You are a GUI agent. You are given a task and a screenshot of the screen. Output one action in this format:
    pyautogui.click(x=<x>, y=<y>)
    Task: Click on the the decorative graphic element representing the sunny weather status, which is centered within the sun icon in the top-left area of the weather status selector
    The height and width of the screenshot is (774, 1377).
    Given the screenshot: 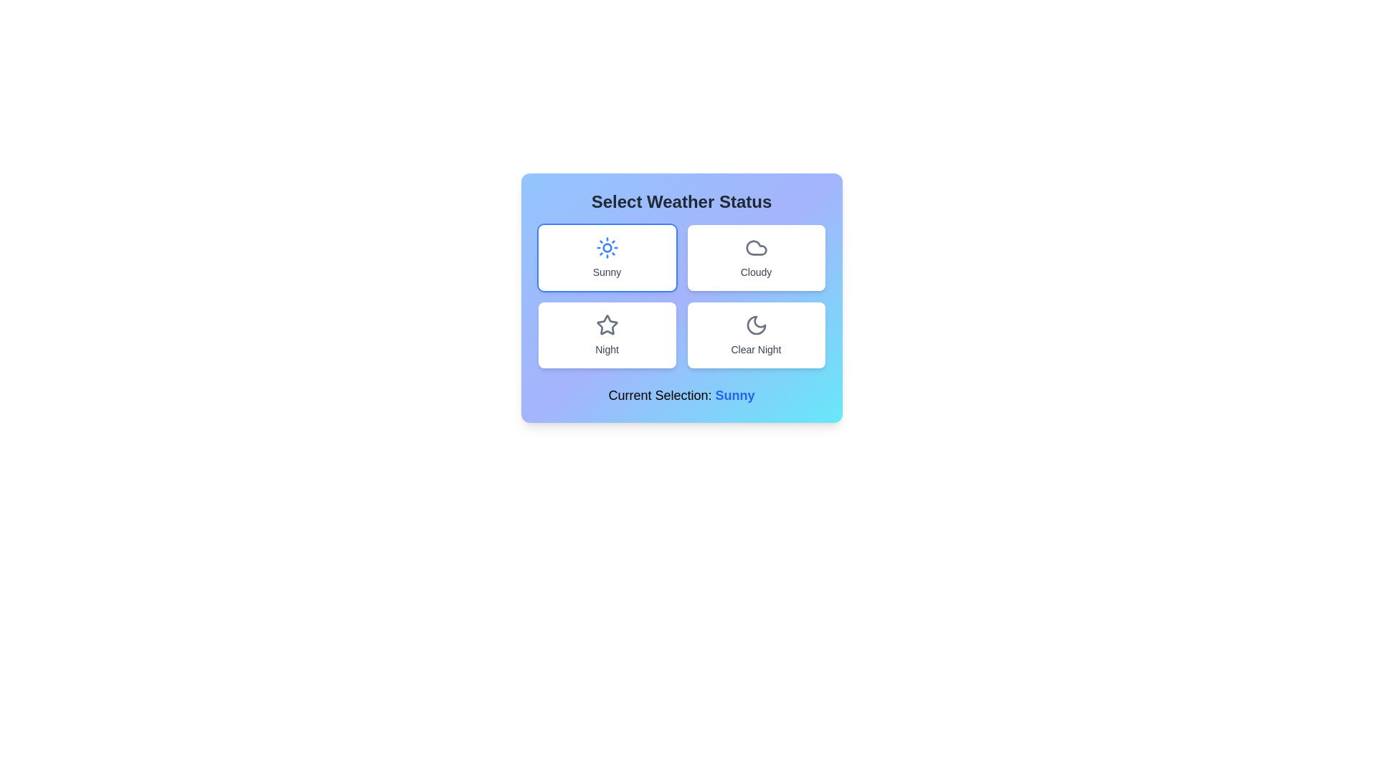 What is the action you would take?
    pyautogui.click(x=607, y=247)
    